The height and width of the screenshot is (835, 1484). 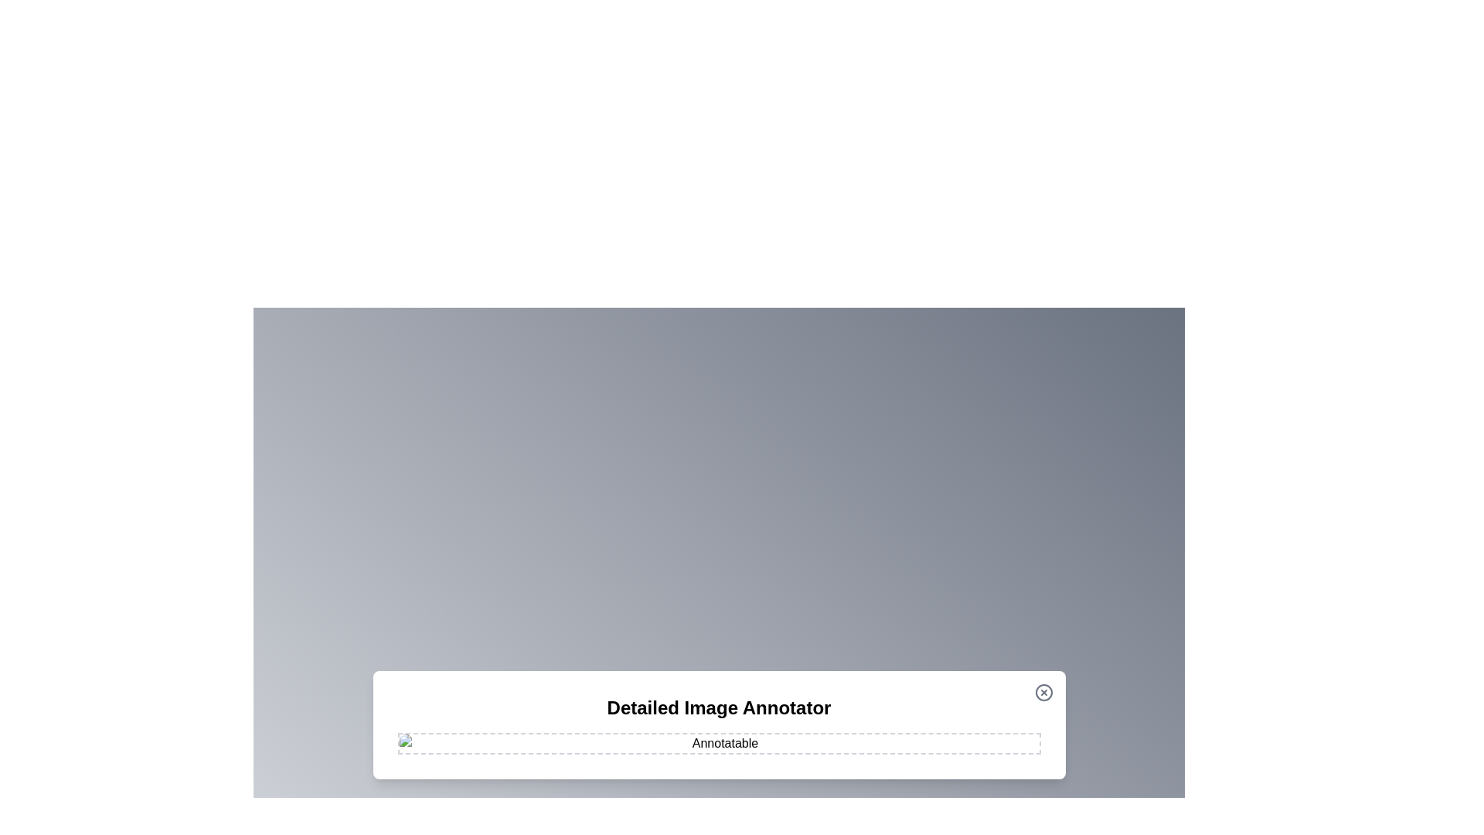 What do you see at coordinates (826, 751) in the screenshot?
I see `the image at coordinates (1070, 973) to add an annotation` at bounding box center [826, 751].